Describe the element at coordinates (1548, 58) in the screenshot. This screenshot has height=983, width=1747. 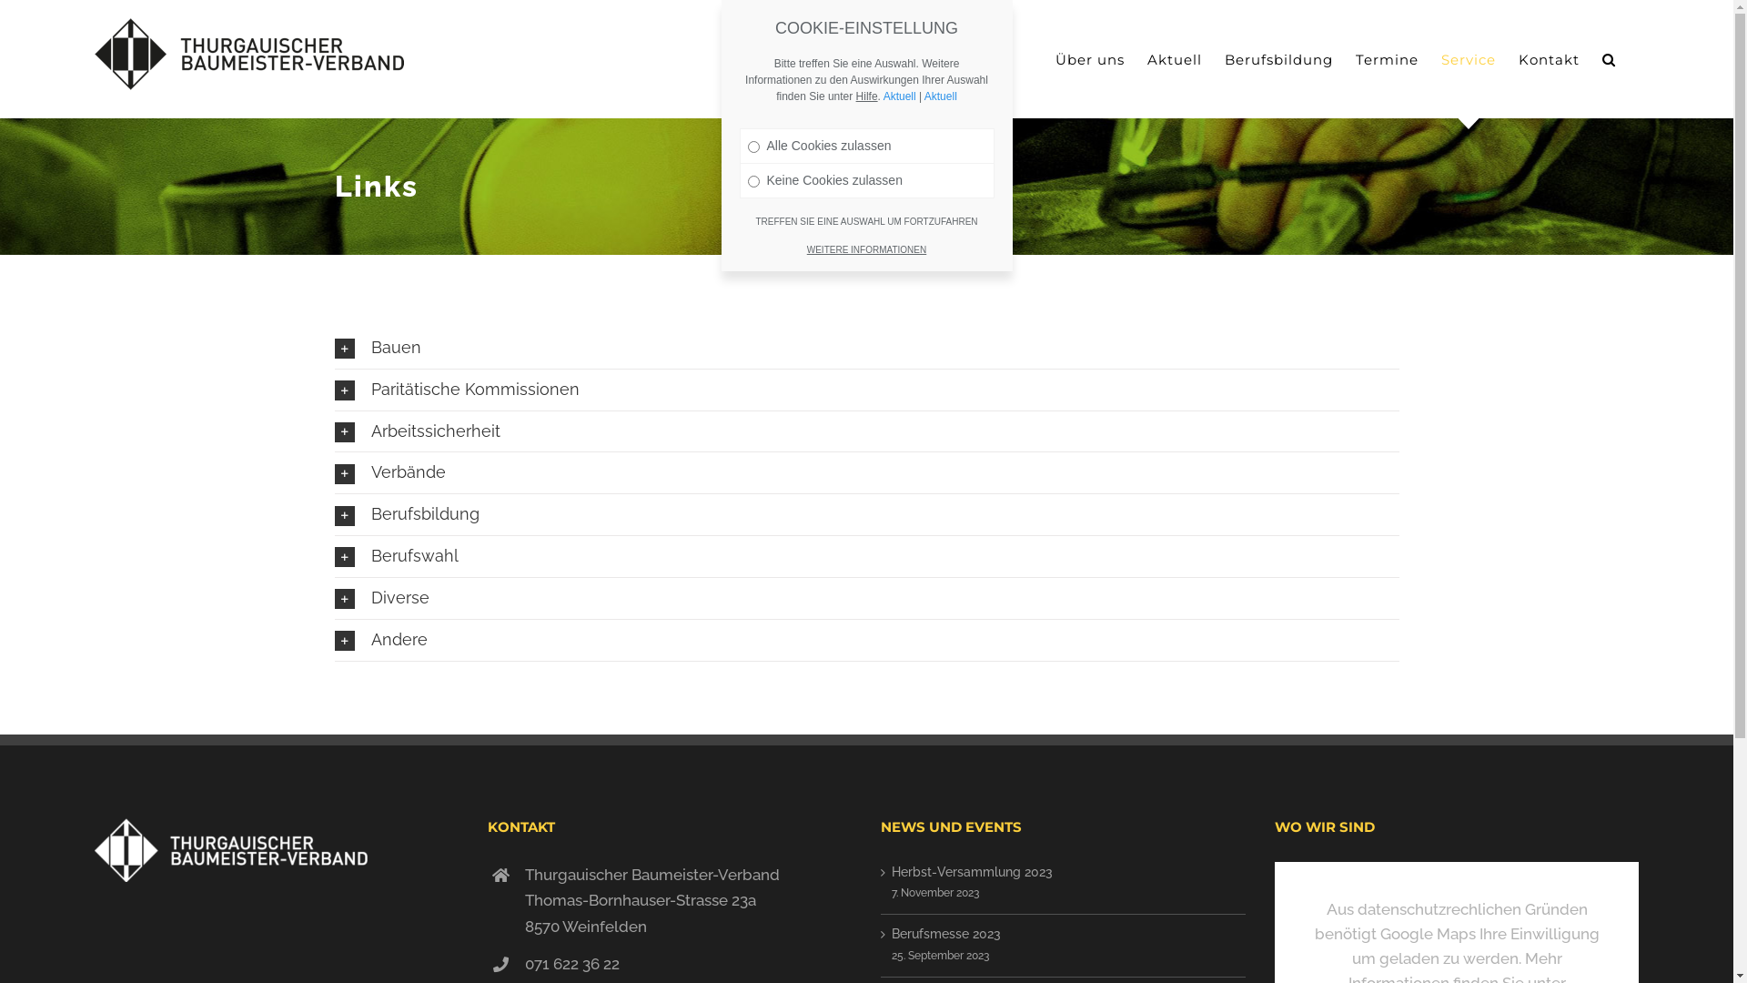
I see `'Kontakt'` at that location.